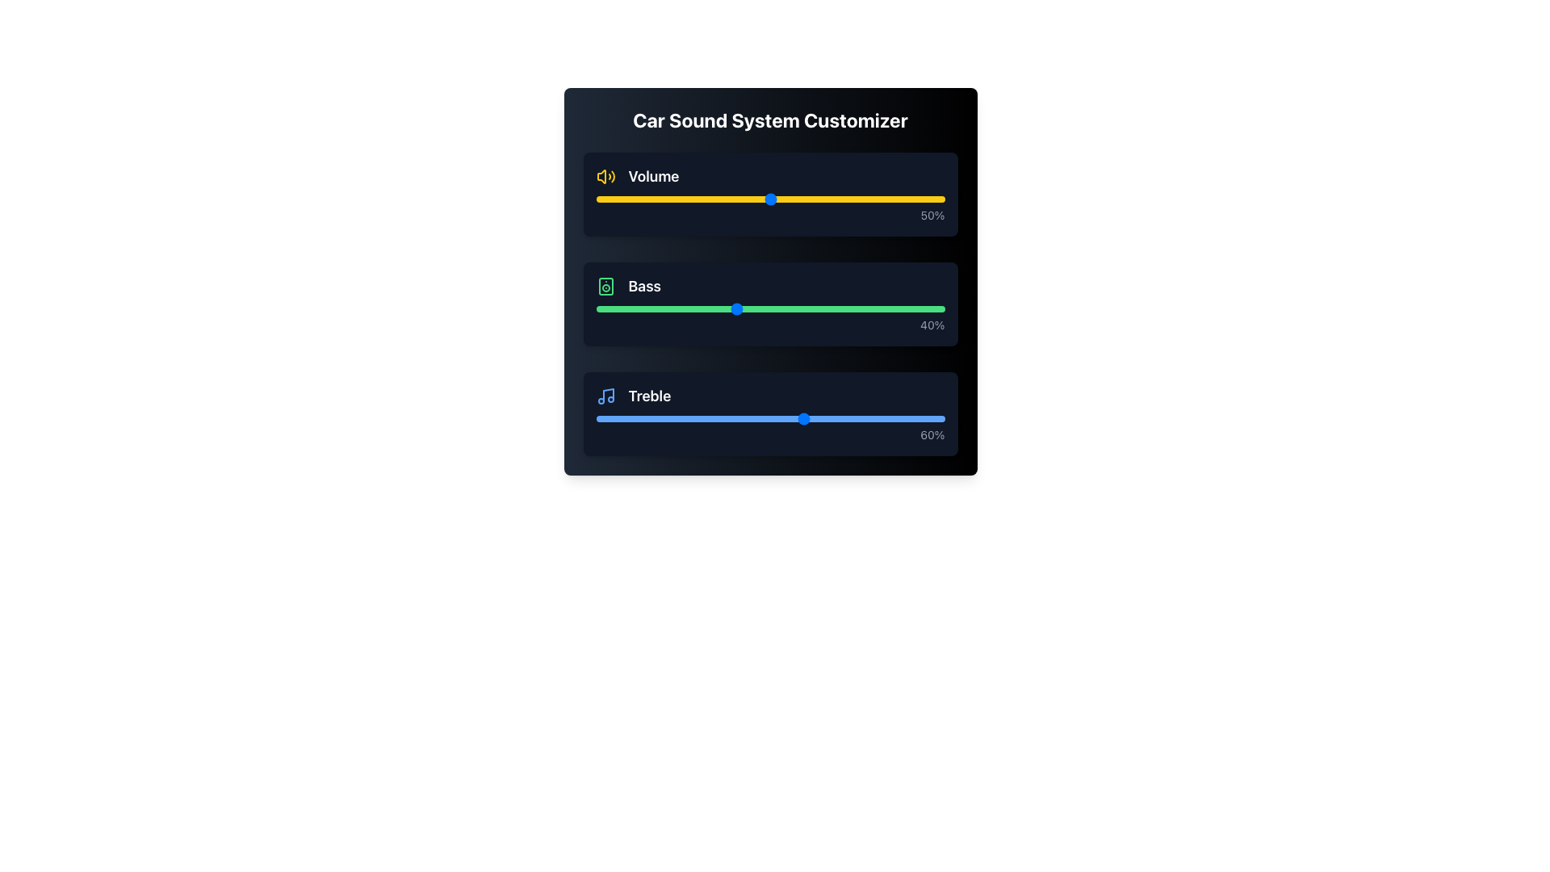 The image size is (1550, 872). I want to click on the green slider control of the Bass slider input, which has a dark background and displays '40%', so click(769, 304).